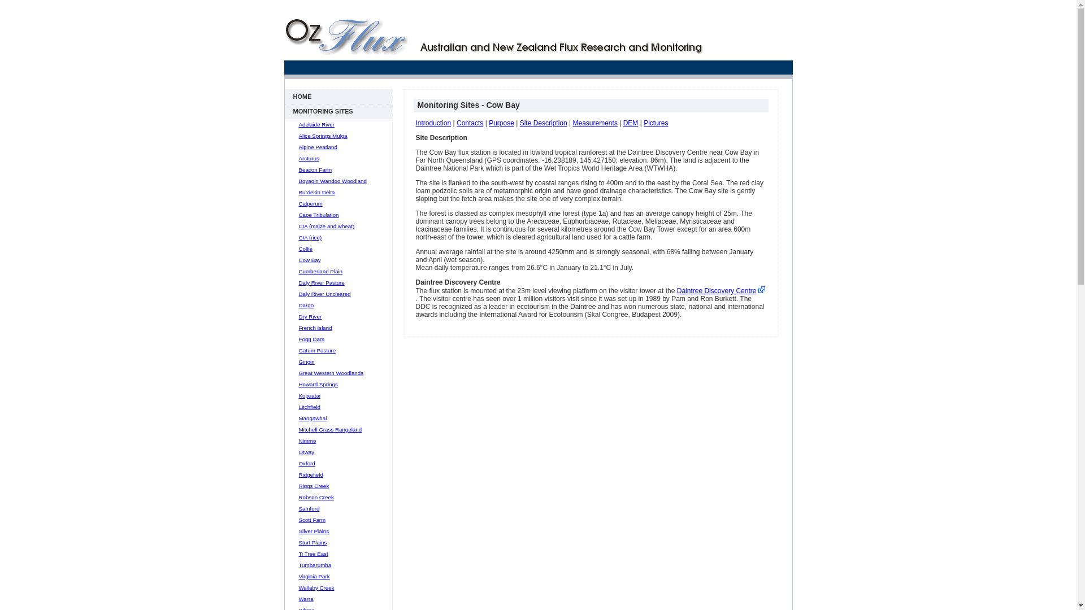 The width and height of the screenshot is (1085, 610). I want to click on 'HOME', so click(338, 97).